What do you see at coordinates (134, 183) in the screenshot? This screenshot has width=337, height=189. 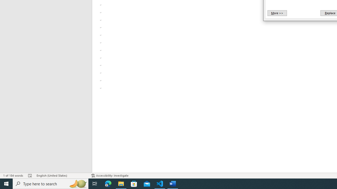 I see `'Microsoft Store'` at bounding box center [134, 183].